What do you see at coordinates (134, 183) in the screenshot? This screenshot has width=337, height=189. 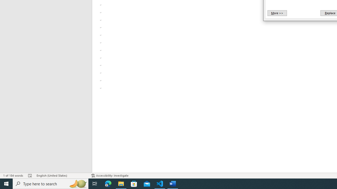 I see `'Microsoft Store'` at bounding box center [134, 183].